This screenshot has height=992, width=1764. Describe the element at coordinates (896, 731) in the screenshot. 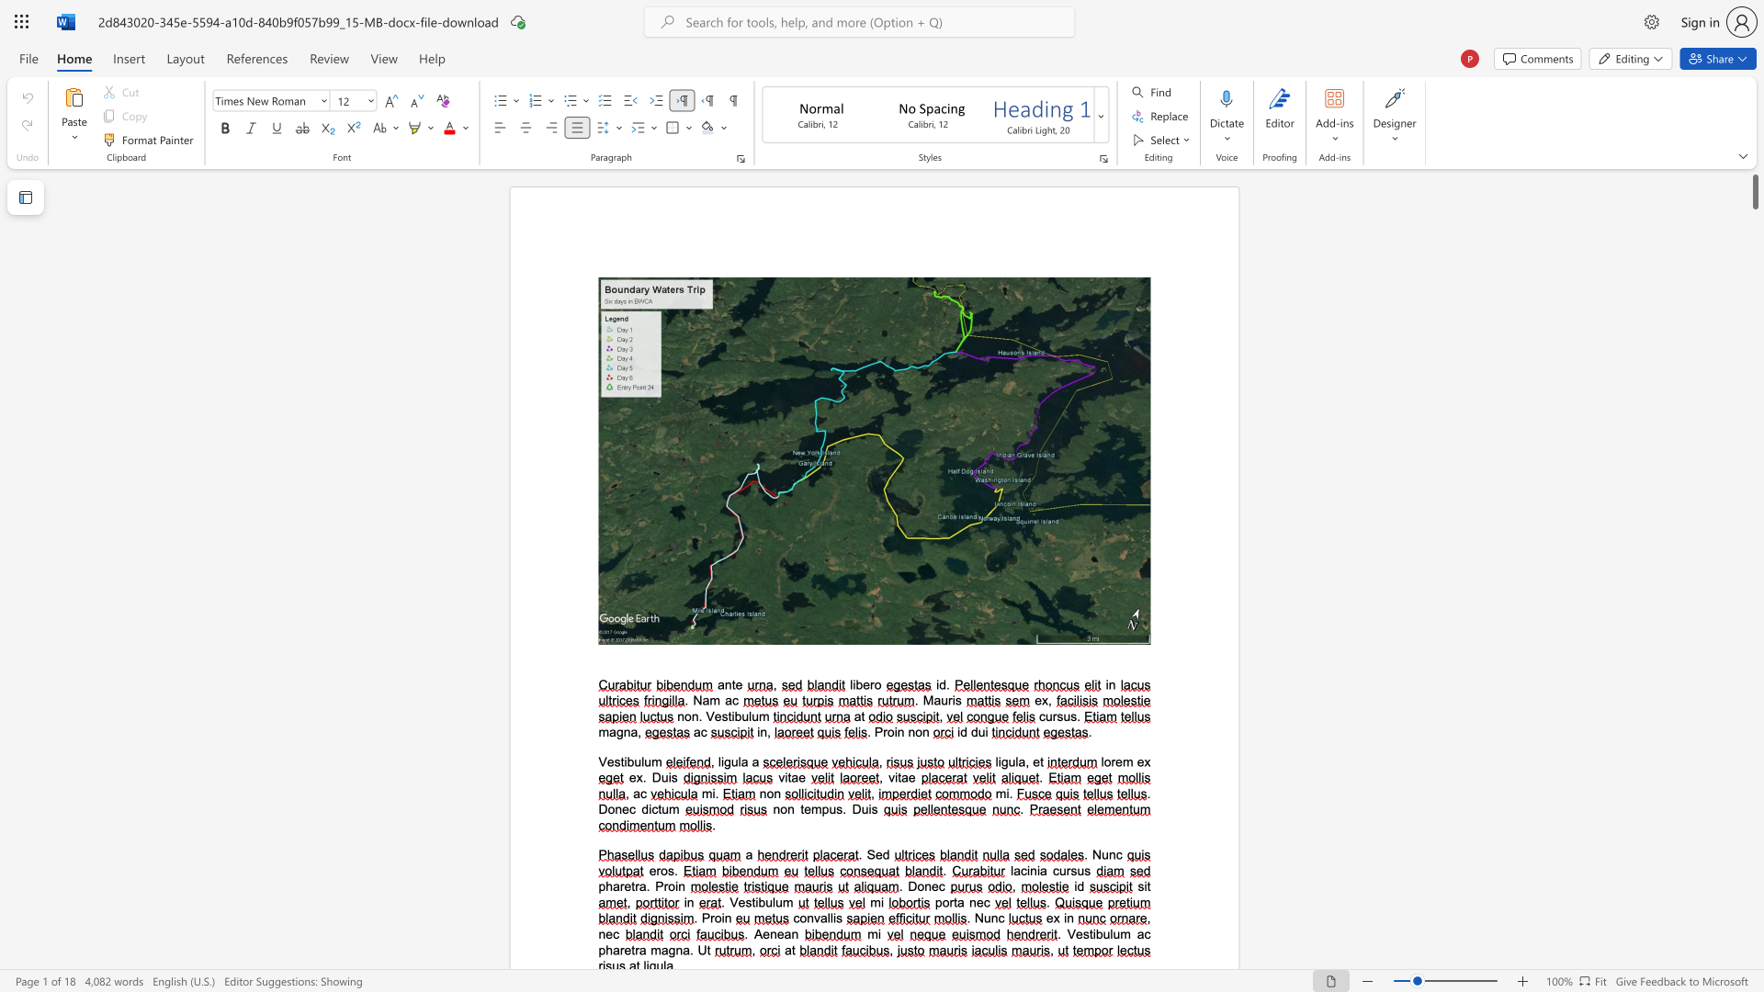

I see `the 1th character "i" in the text` at that location.